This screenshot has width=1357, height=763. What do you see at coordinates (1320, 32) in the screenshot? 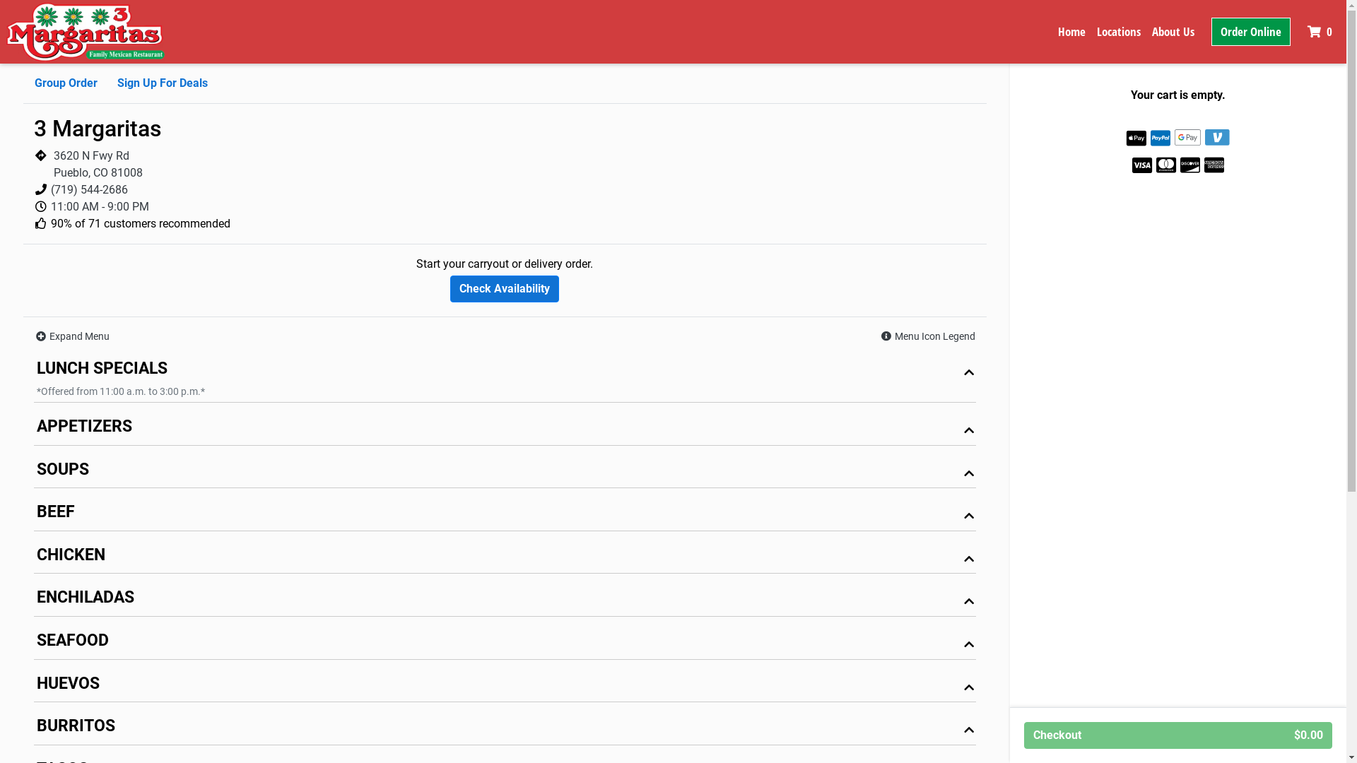
I see `'0` at bounding box center [1320, 32].